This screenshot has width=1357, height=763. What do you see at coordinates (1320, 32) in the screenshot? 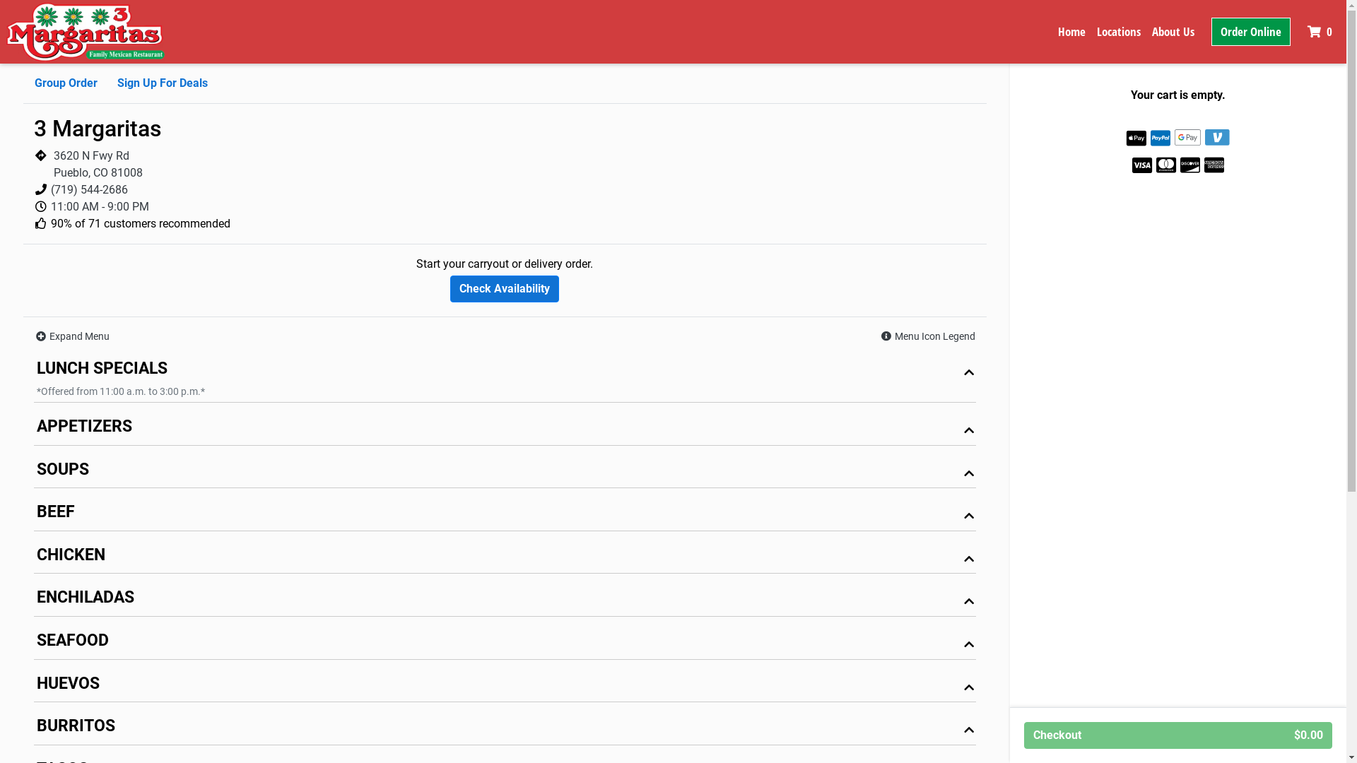
I see `'0` at bounding box center [1320, 32].